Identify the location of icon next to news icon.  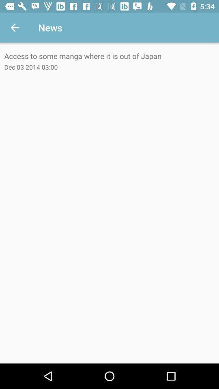
(15, 28).